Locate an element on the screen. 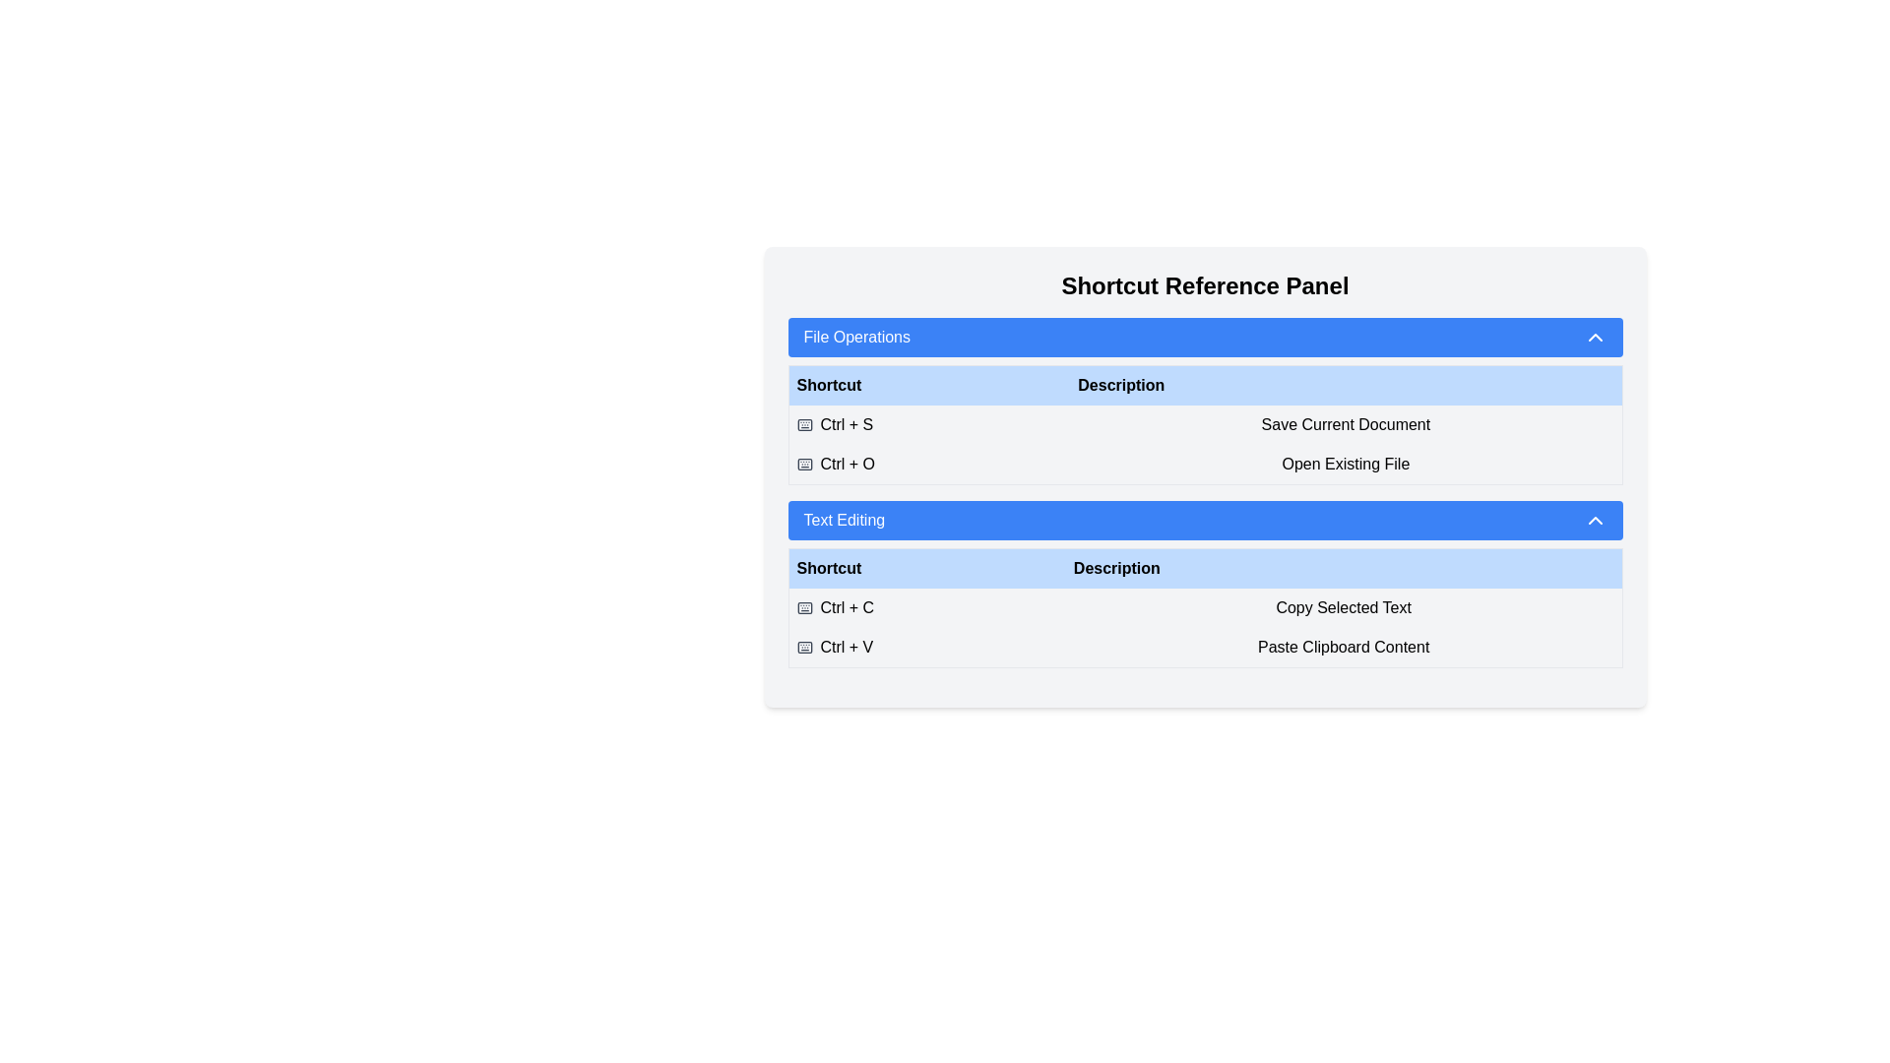 Image resolution: width=1890 pixels, height=1063 pixels. the Text label that describes the 'Ctrl + V' shortcut functionality in the 'Text Editing' section of the Shortcut Reference Panel is located at coordinates (1343, 648).